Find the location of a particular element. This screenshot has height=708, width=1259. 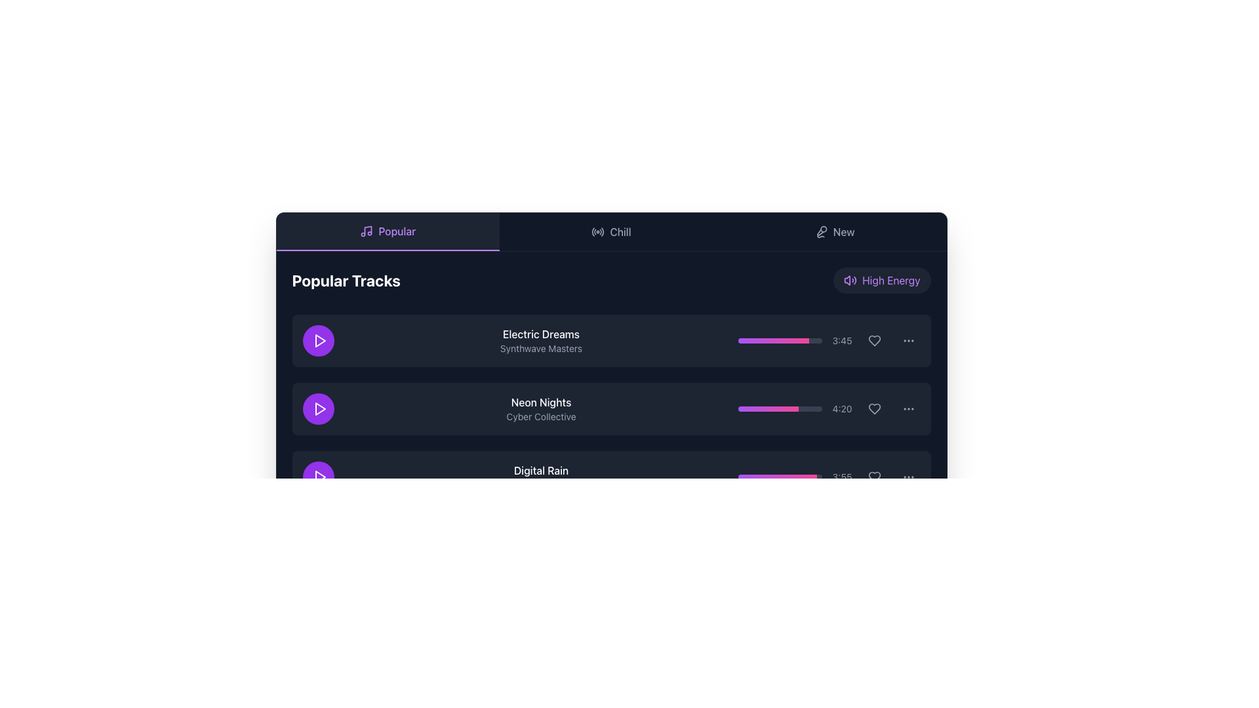

progress is located at coordinates (794, 408).